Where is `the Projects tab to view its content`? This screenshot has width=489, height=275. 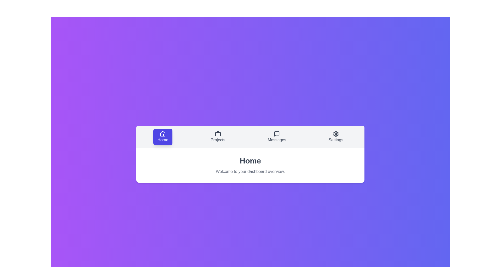
the Projects tab to view its content is located at coordinates (218, 136).